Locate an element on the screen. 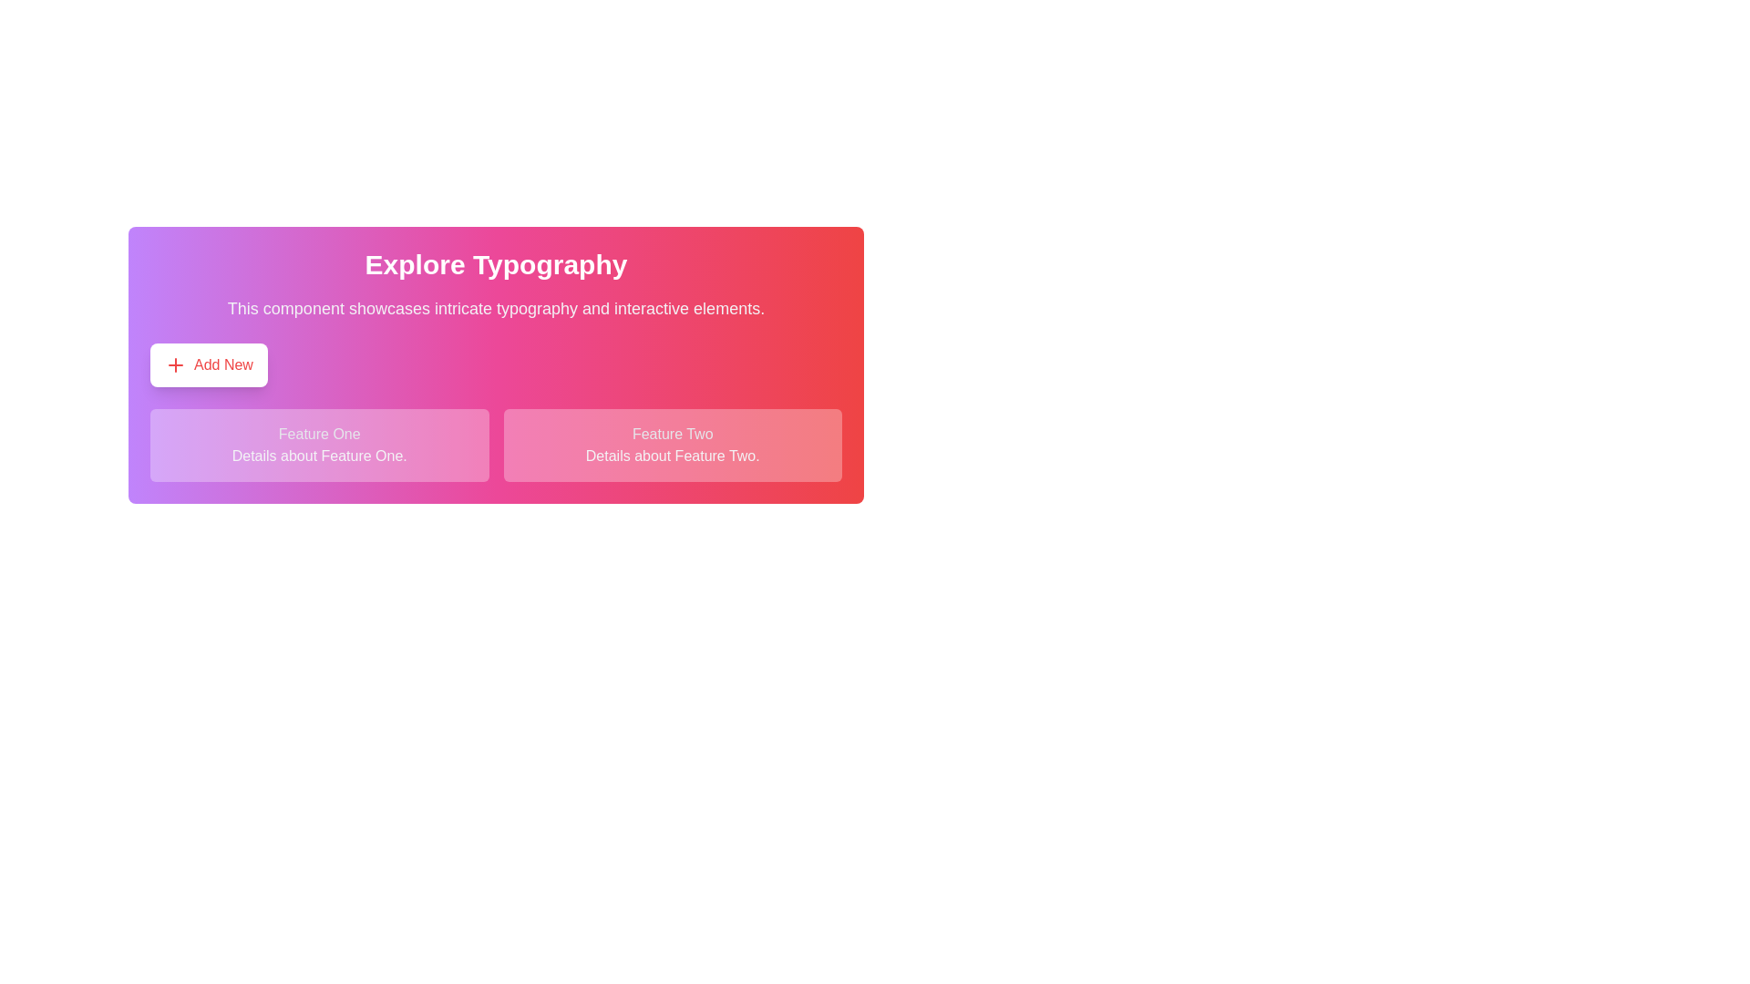  the Informational Card labeled 'Feature Two', which has a gradient background from white to pink and contains the text 'Feature Two' in bold light gray is located at coordinates (672, 446).